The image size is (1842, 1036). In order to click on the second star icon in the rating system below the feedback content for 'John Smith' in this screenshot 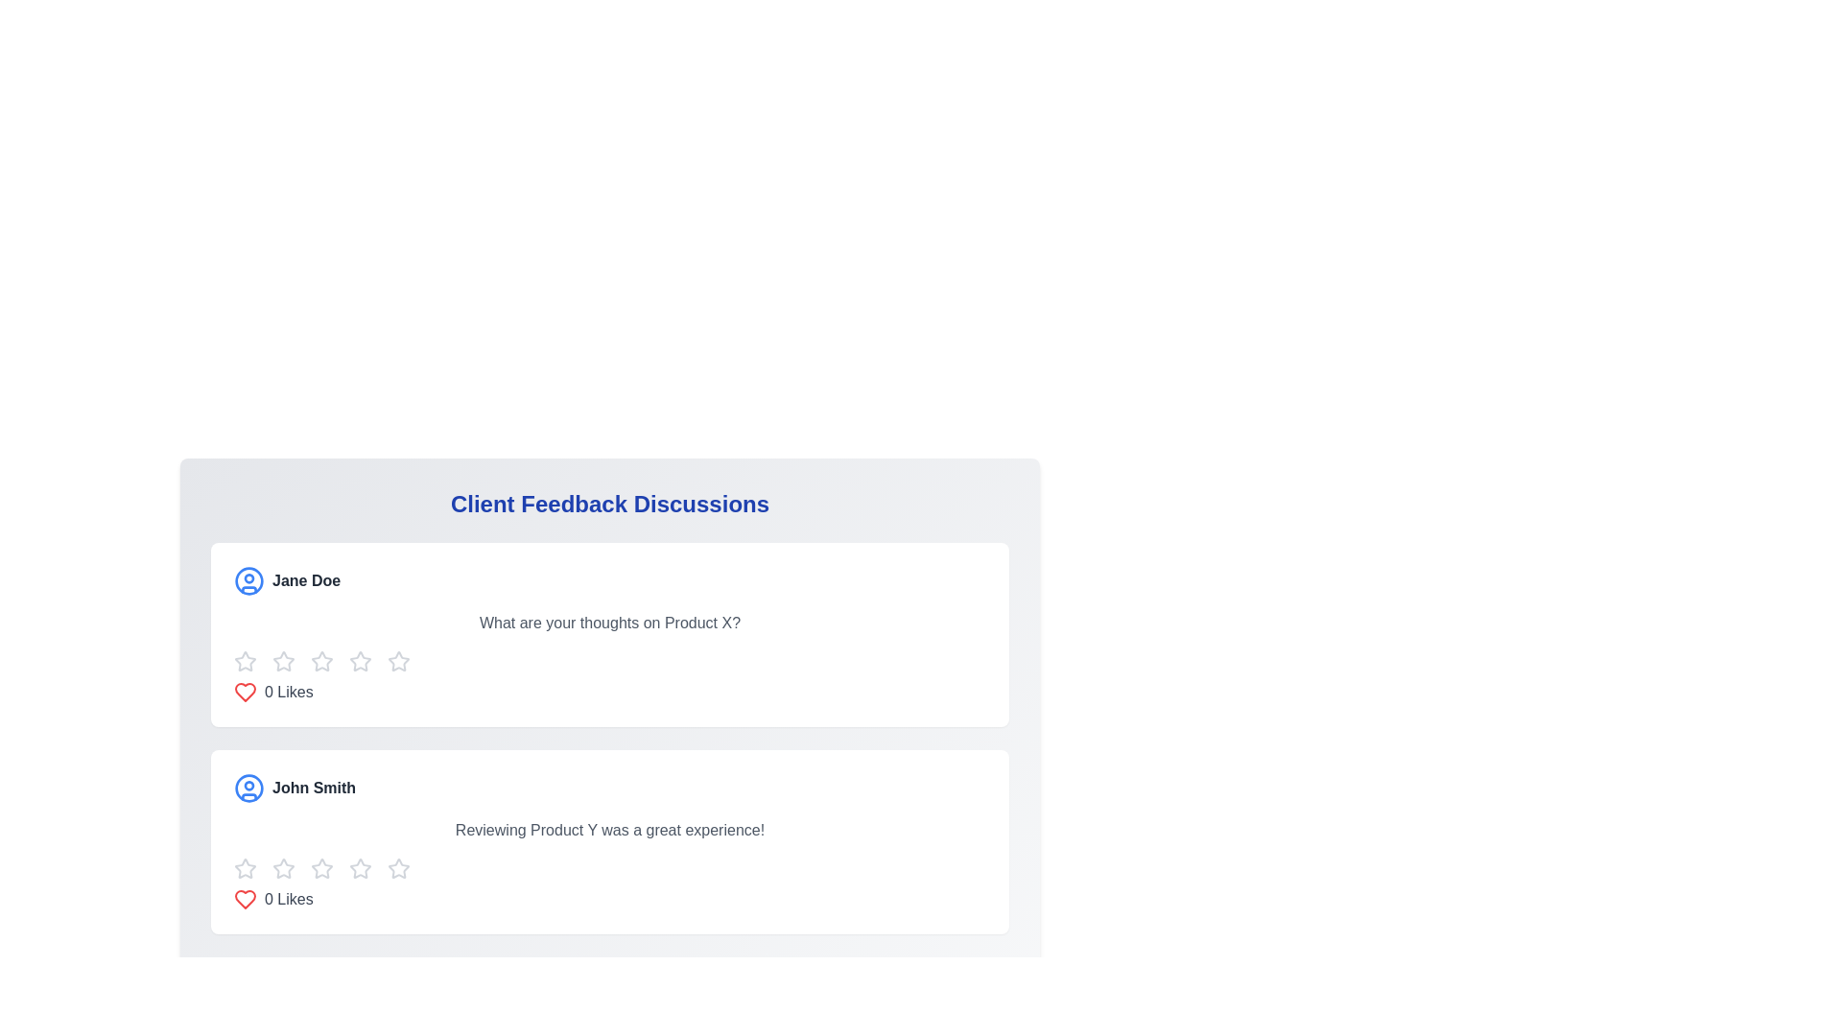, I will do `click(283, 869)`.